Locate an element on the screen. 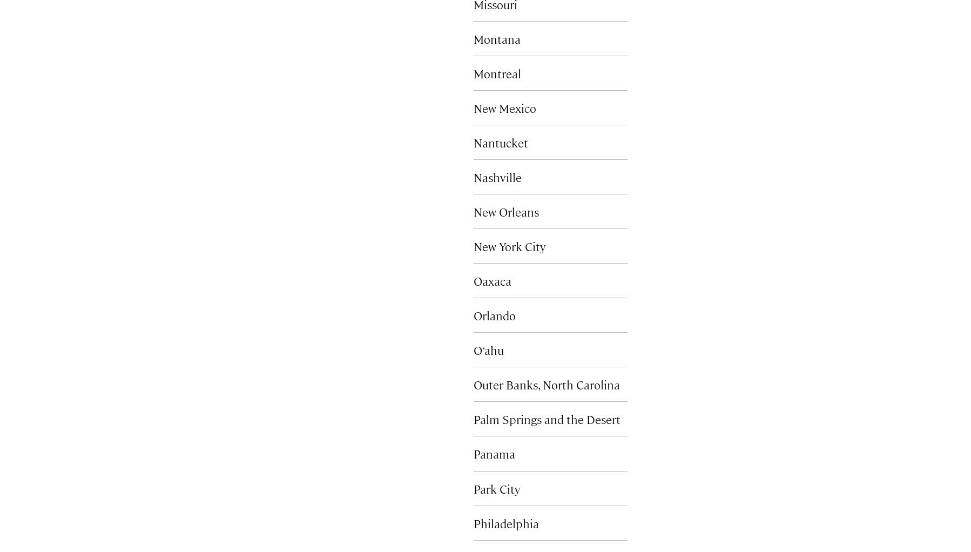  'Park City' is located at coordinates (496, 487).